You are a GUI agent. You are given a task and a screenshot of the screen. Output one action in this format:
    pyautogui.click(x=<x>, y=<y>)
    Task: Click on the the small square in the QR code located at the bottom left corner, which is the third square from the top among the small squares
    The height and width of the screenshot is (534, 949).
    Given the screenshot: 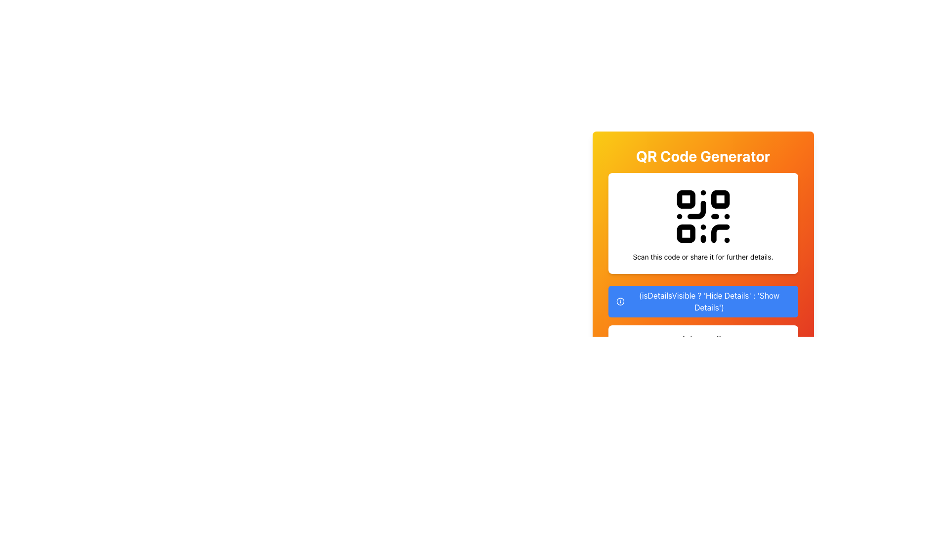 What is the action you would take?
    pyautogui.click(x=685, y=233)
    